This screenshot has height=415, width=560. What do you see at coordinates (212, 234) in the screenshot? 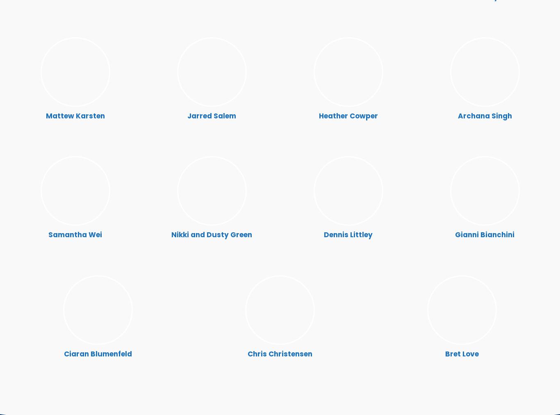
I see `'Nikki and Dusty Green'` at bounding box center [212, 234].